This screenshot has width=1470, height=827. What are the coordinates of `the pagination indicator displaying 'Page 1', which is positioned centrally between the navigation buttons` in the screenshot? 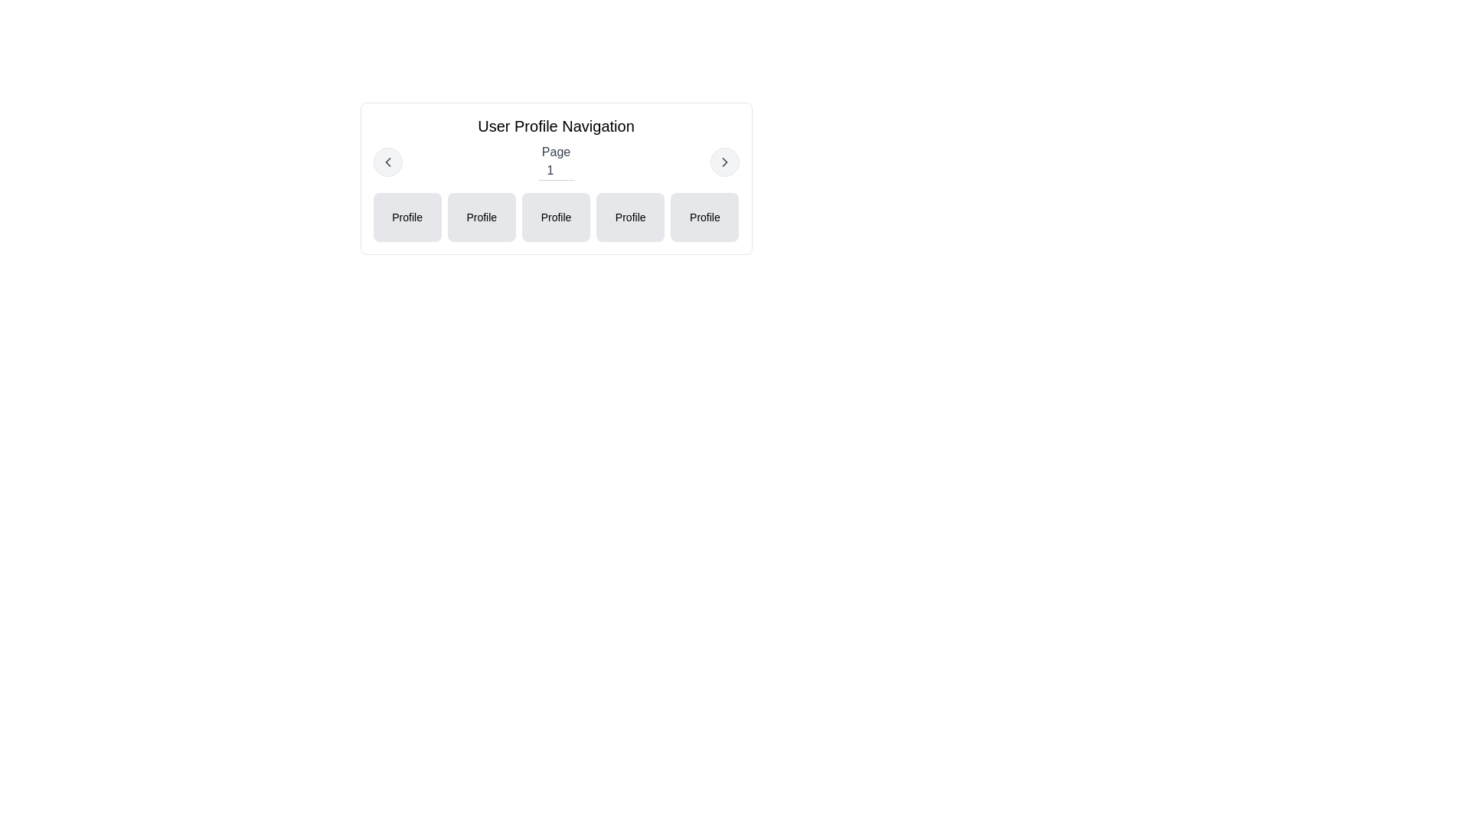 It's located at (555, 162).